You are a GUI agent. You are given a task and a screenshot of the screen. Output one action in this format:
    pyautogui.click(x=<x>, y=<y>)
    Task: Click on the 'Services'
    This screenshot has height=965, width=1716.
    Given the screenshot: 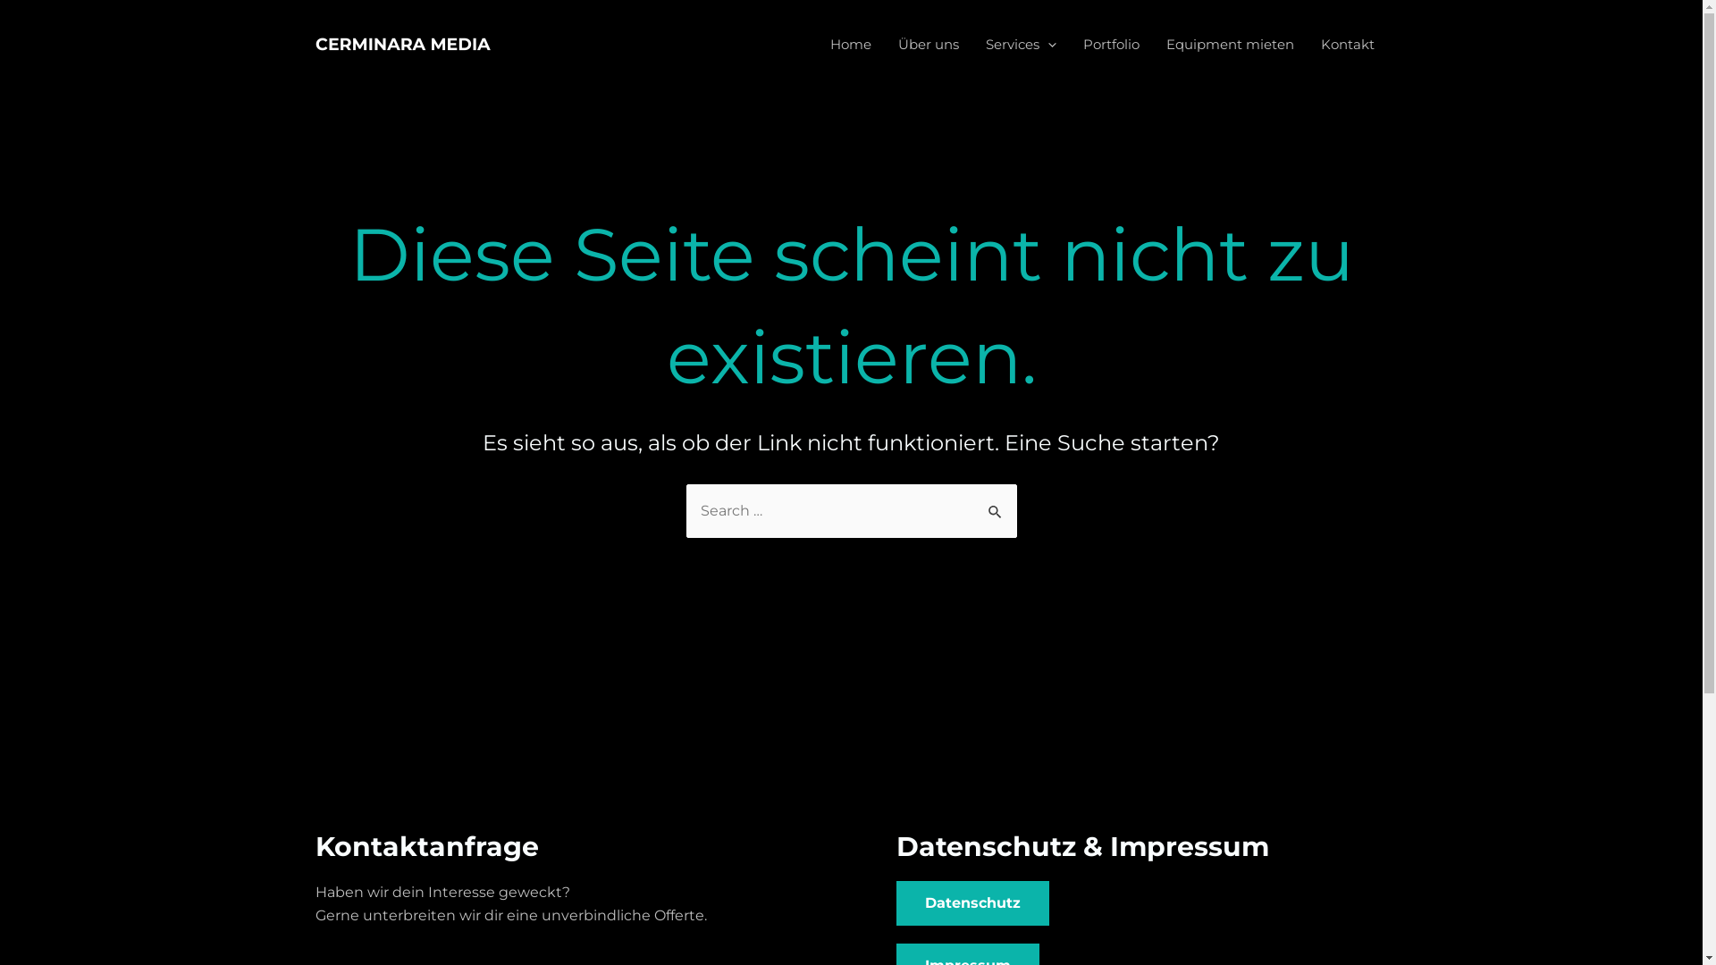 What is the action you would take?
    pyautogui.click(x=1021, y=44)
    